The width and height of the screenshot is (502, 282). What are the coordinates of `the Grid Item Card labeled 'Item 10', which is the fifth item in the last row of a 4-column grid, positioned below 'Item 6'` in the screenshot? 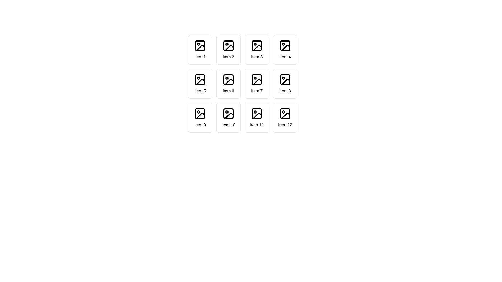 It's located at (228, 118).